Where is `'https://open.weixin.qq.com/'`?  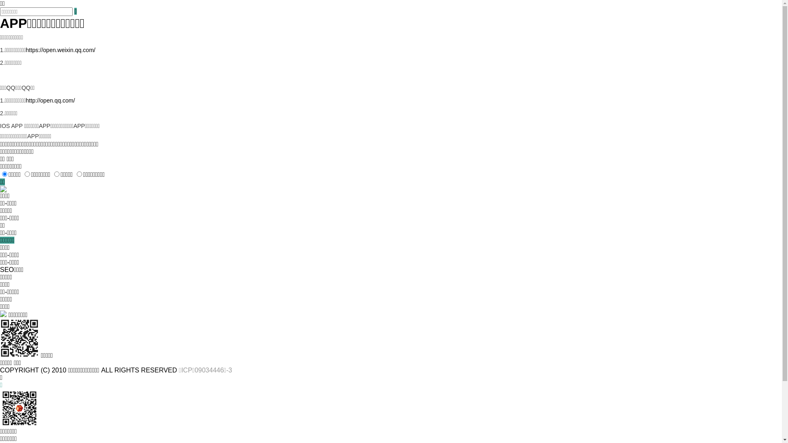
'https://open.weixin.qq.com/' is located at coordinates (25, 50).